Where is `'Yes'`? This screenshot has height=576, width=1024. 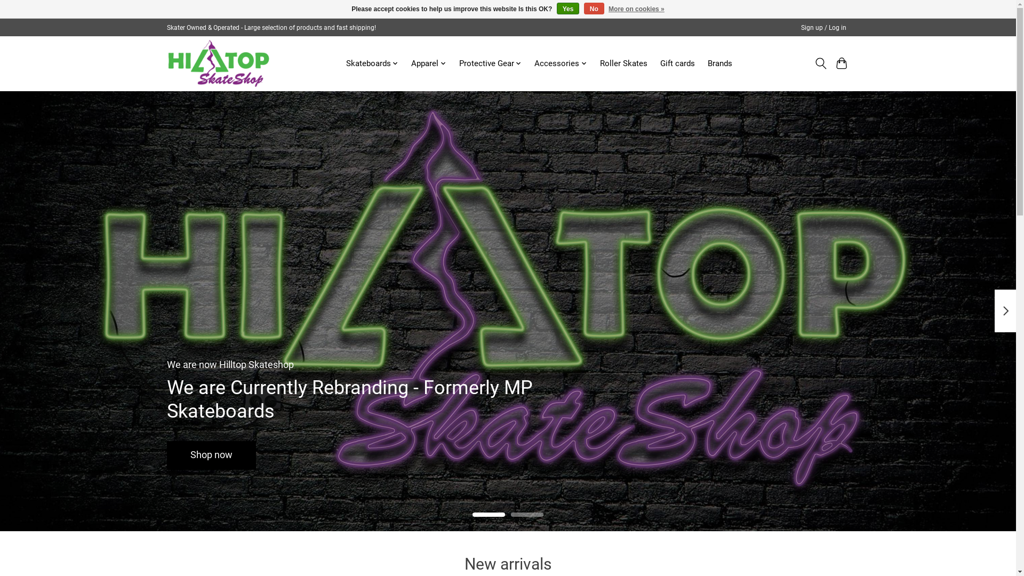 'Yes' is located at coordinates (567, 8).